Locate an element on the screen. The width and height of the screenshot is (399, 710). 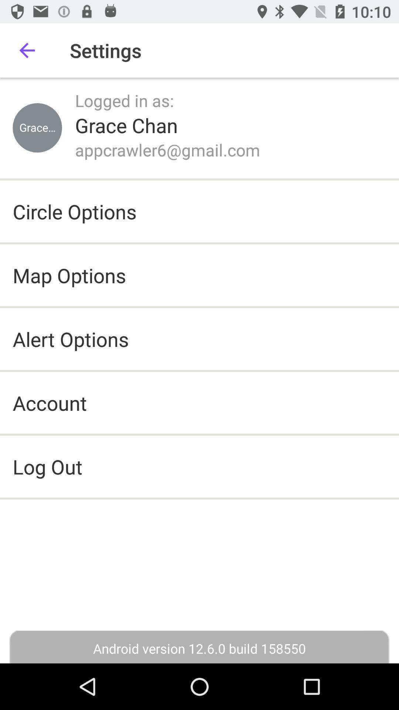
the account item is located at coordinates (50, 402).